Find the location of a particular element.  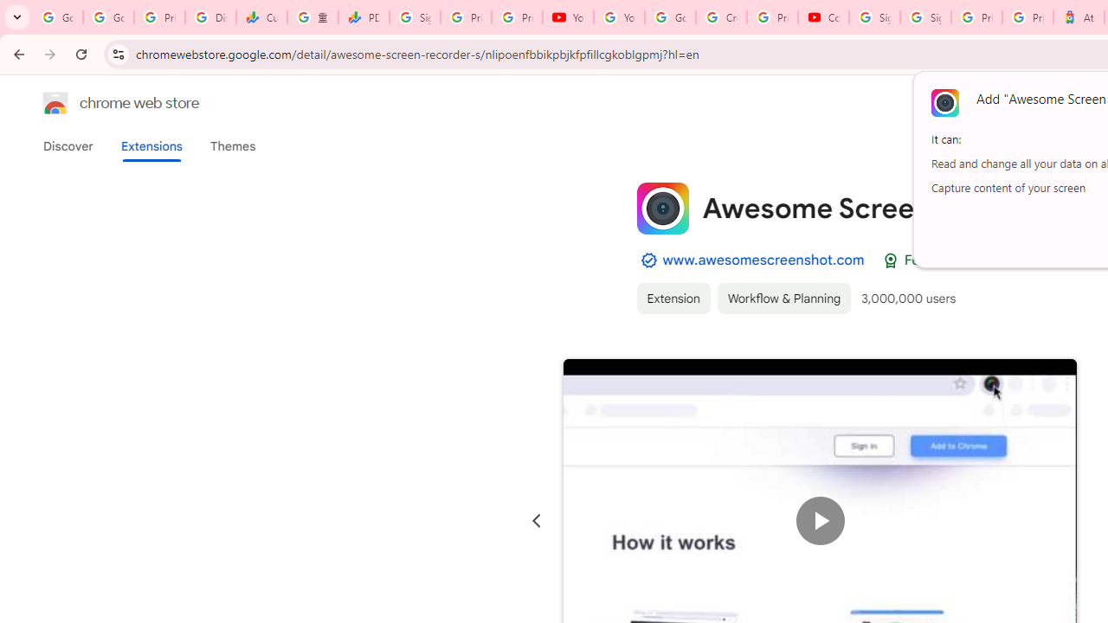

'Item logo image for Awesome Screen Recorder & Screenshot' is located at coordinates (661, 207).